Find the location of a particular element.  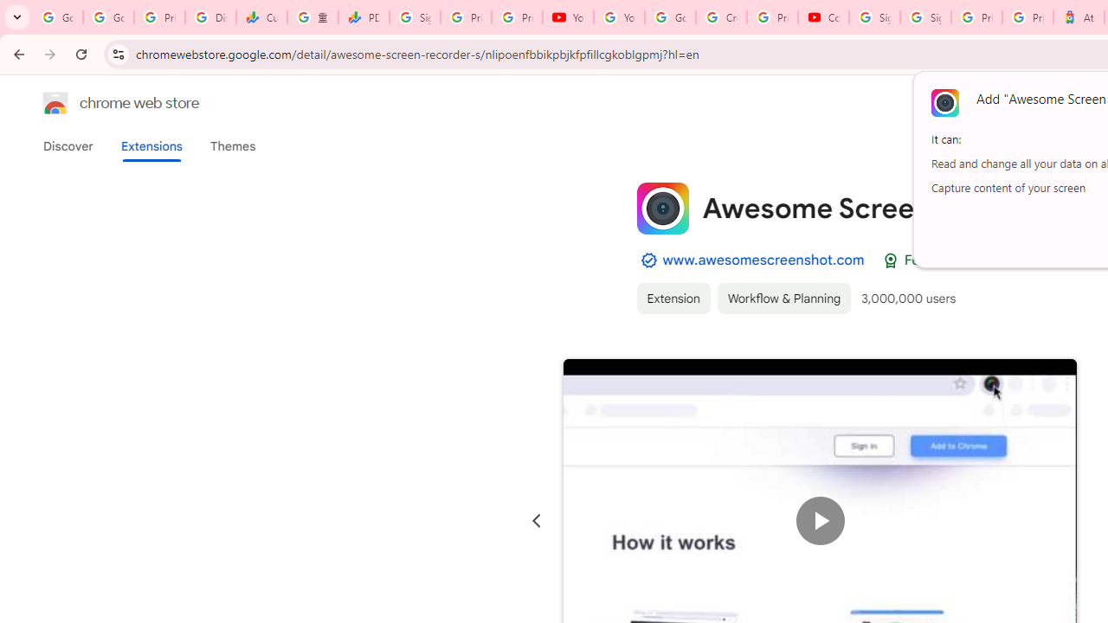

'Item logo image for Awesome Screen Recorder & Screenshot' is located at coordinates (661, 207).